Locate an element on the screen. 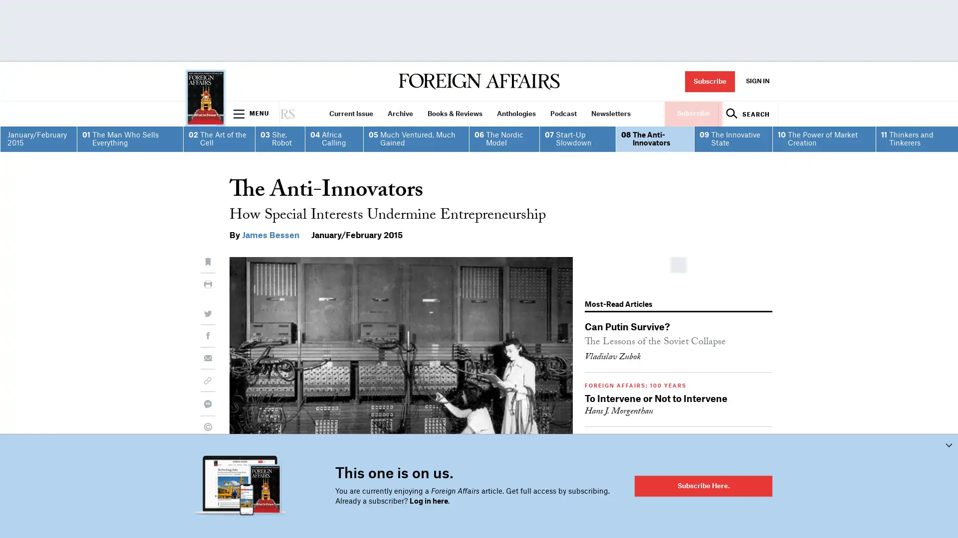 The width and height of the screenshot is (958, 538). Podcast is located at coordinates (563, 113).